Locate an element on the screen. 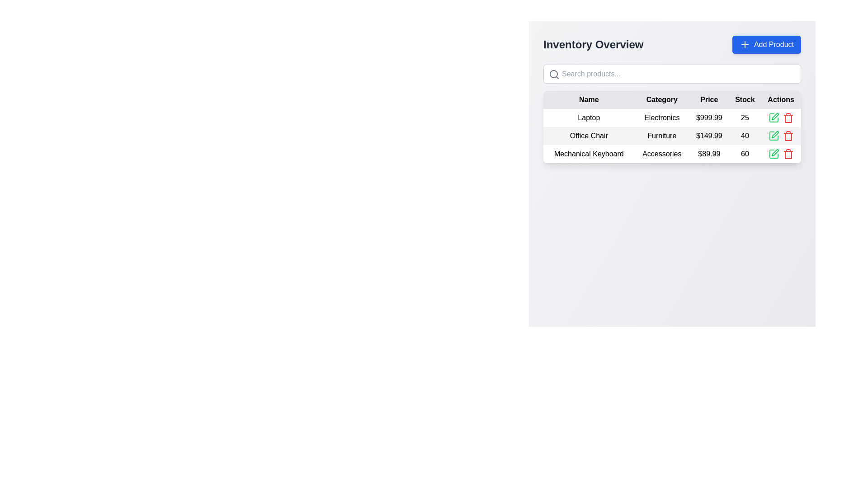 The height and width of the screenshot is (488, 868). the green pencil icon in the Action panel is located at coordinates (780, 117).